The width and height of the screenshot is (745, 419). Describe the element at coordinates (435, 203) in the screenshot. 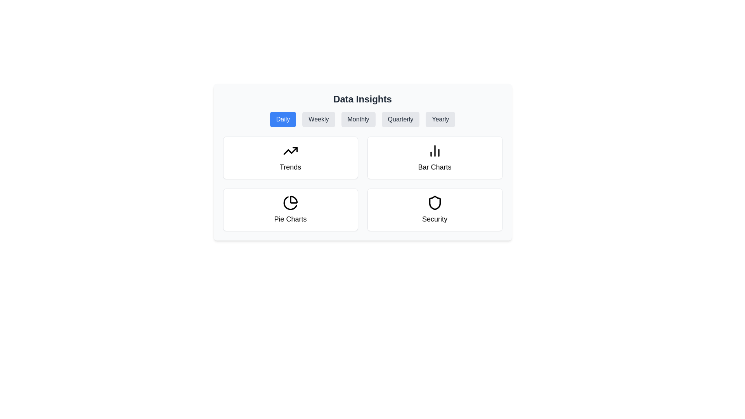

I see `the security icon located at the top of the 'Security' card in the lower right of the grid layout` at that location.